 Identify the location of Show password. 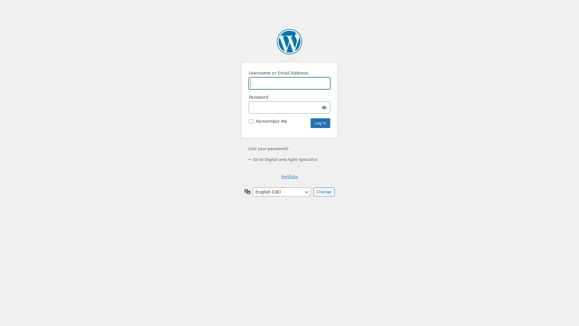
(324, 107).